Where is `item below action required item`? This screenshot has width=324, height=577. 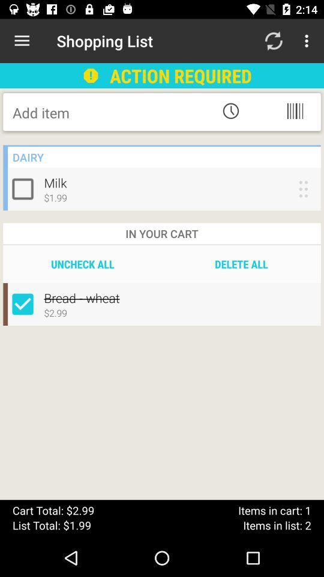
item below action required item is located at coordinates (230, 111).